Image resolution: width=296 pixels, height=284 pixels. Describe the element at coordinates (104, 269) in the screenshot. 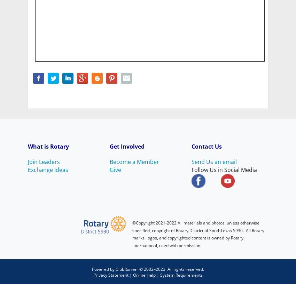

I see `'Powered by'` at that location.